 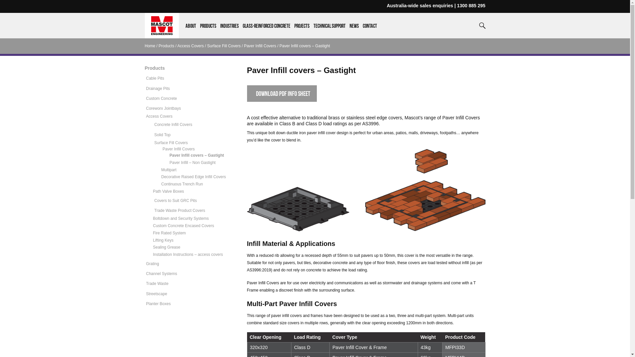 I want to click on 'Planter Boxes', so click(x=158, y=303).